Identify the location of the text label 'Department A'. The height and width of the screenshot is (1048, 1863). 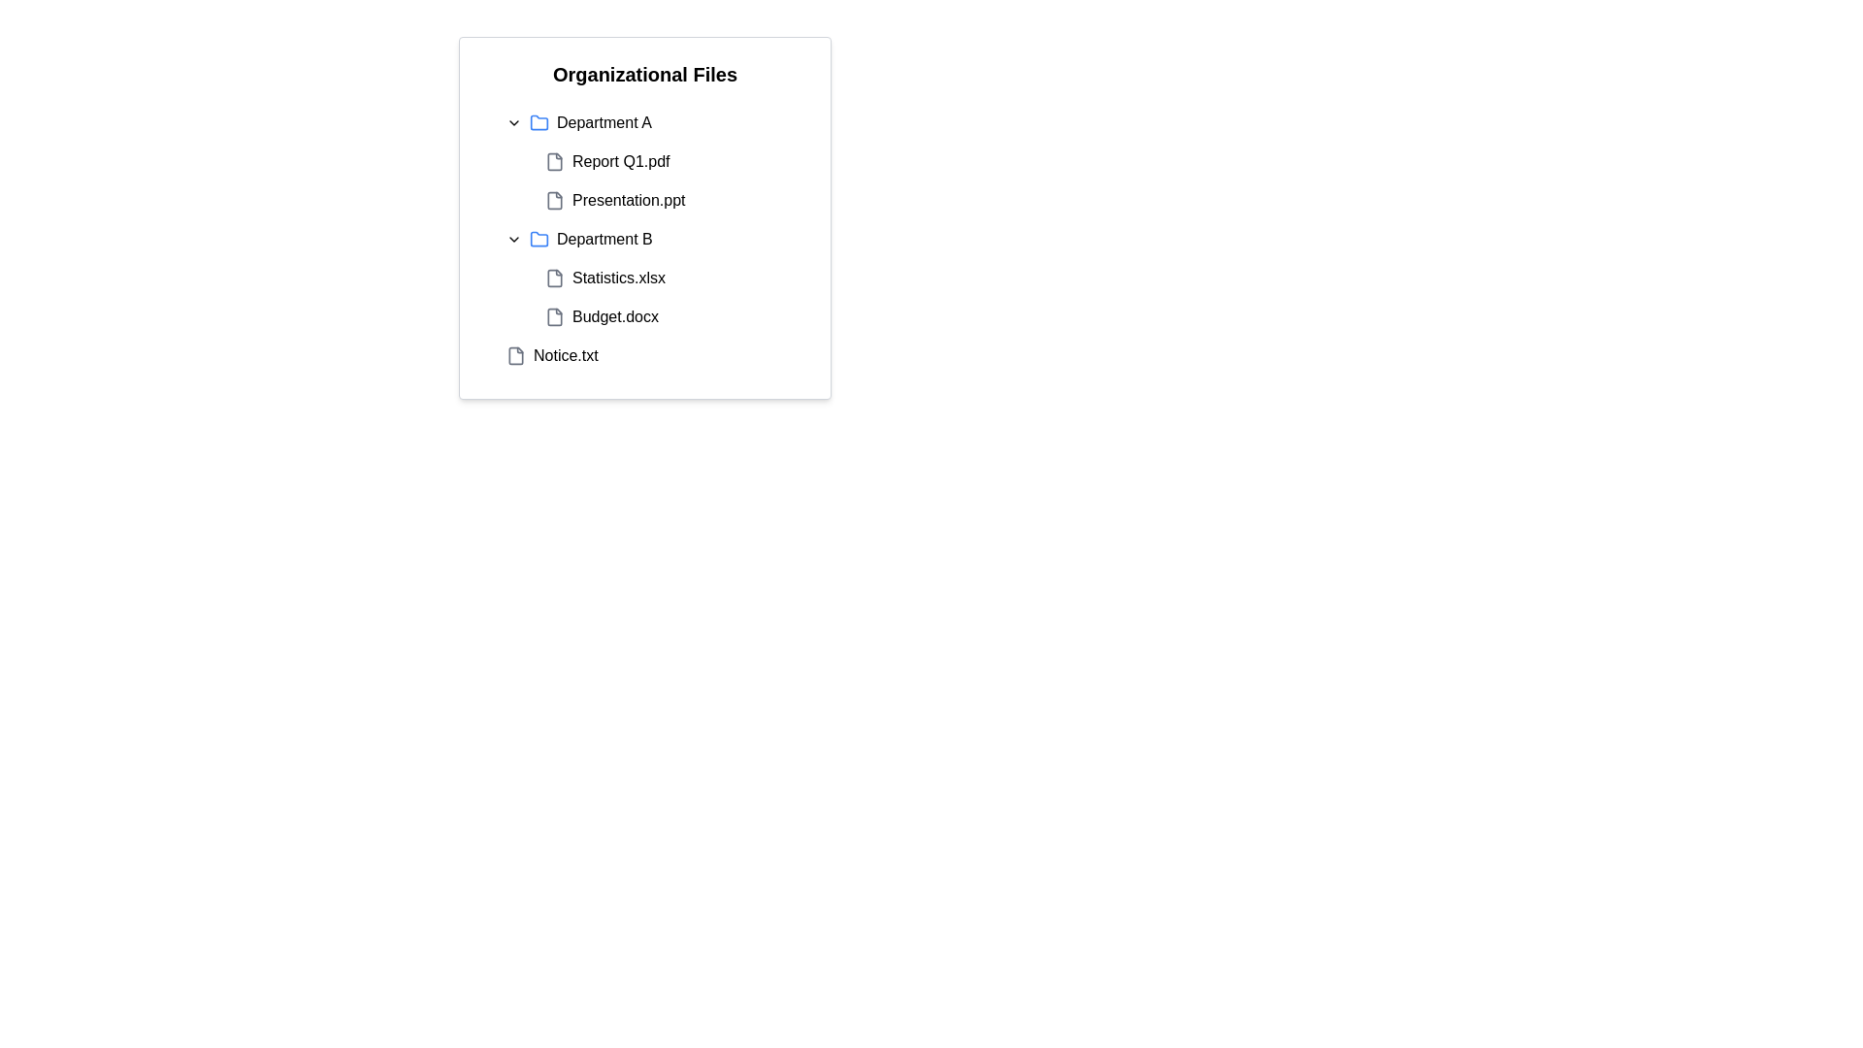
(603, 123).